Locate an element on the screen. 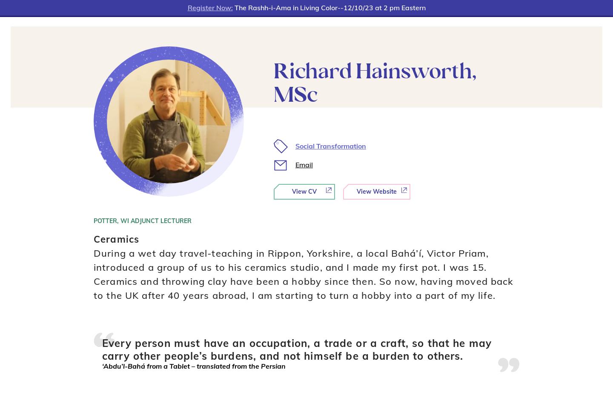 This screenshot has height=401, width=613. 'The Economics of Community Building' is located at coordinates (142, 118).